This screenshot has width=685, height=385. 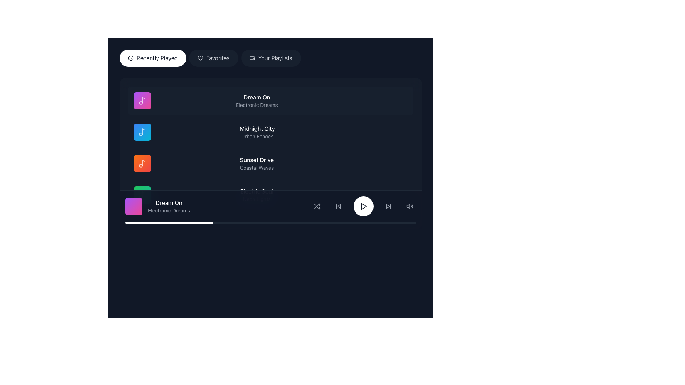 I want to click on to select the first list item titled 'Dream On' with a musical note icon and gray subtitle 'Electronic Dreams', so click(x=270, y=101).